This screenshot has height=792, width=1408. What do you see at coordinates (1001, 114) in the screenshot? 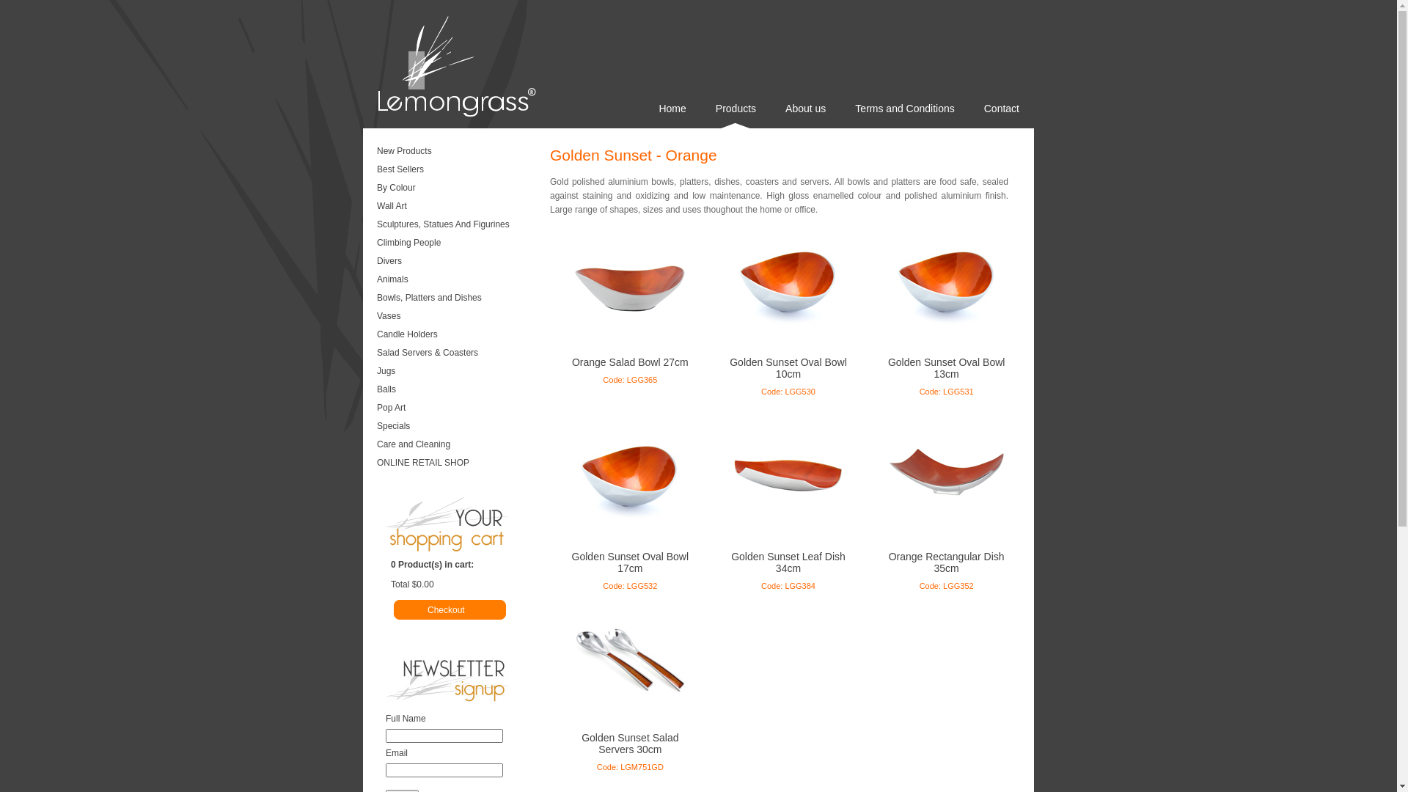
I see `'Contact'` at bounding box center [1001, 114].